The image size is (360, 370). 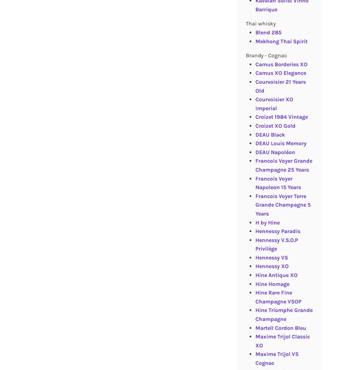 I want to click on 'Maxime Trijol VS Cognac', so click(x=276, y=358).